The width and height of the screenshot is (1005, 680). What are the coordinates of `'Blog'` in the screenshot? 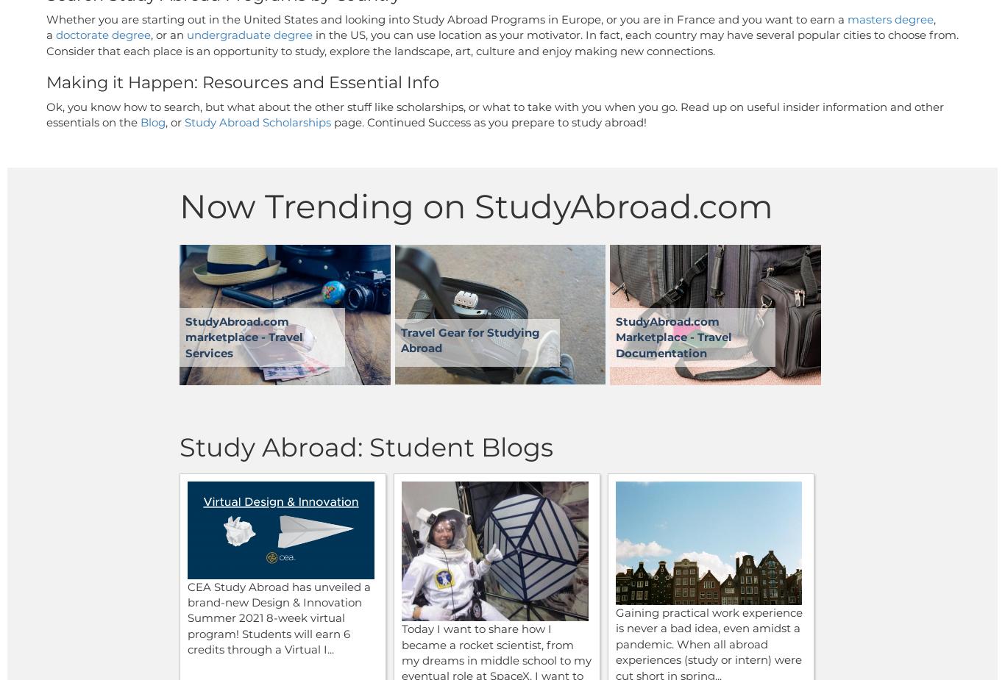 It's located at (152, 121).